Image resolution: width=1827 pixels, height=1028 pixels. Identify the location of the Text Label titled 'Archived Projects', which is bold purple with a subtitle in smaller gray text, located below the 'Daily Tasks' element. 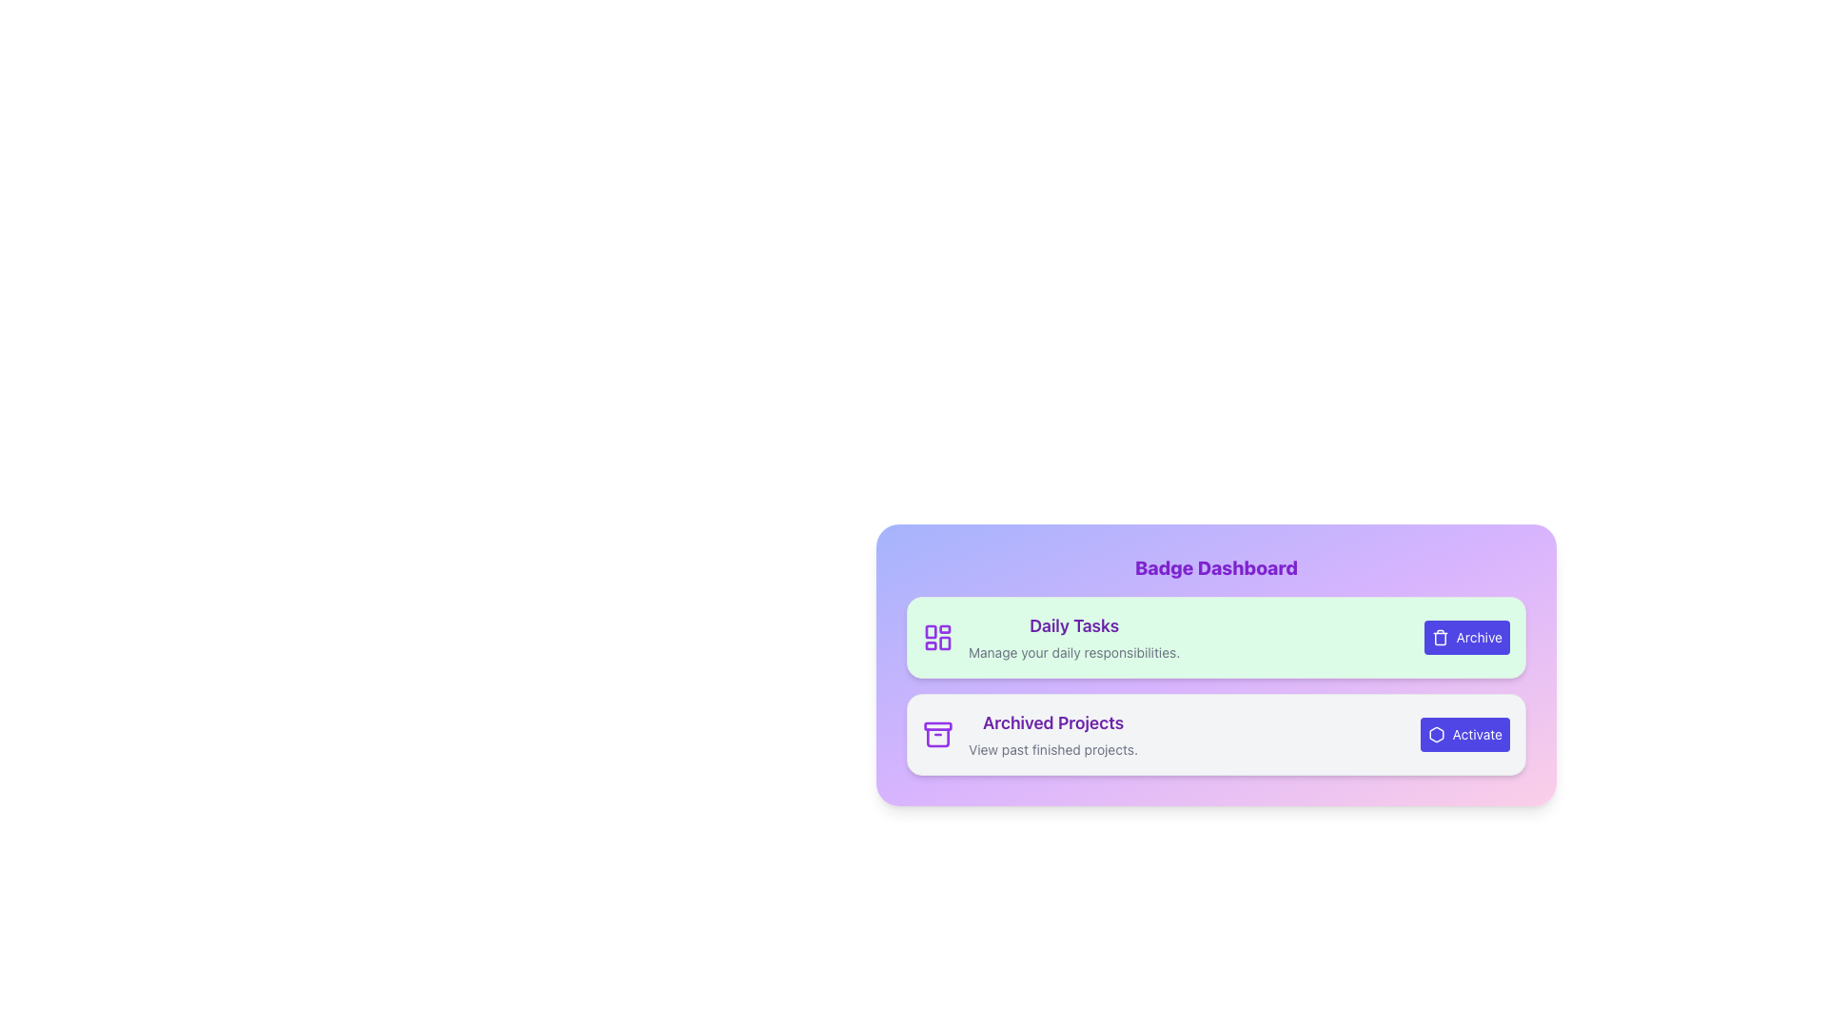
(1052, 733).